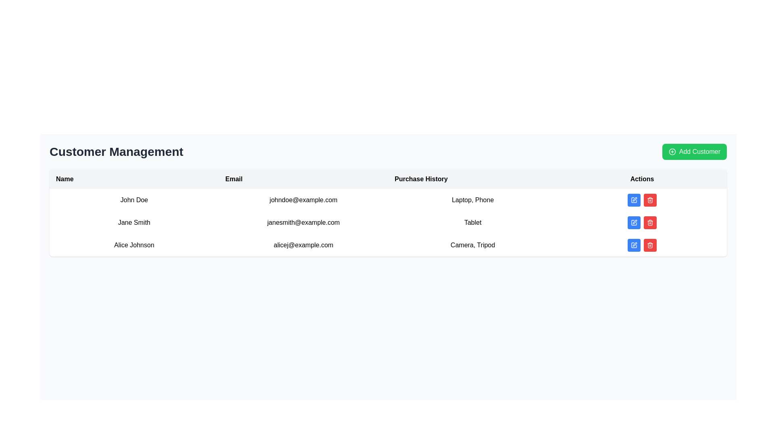 This screenshot has width=774, height=435. What do you see at coordinates (650, 245) in the screenshot?
I see `the trash icon located within the row associated with the user 'Alice Johnson' to initiate a delete action` at bounding box center [650, 245].